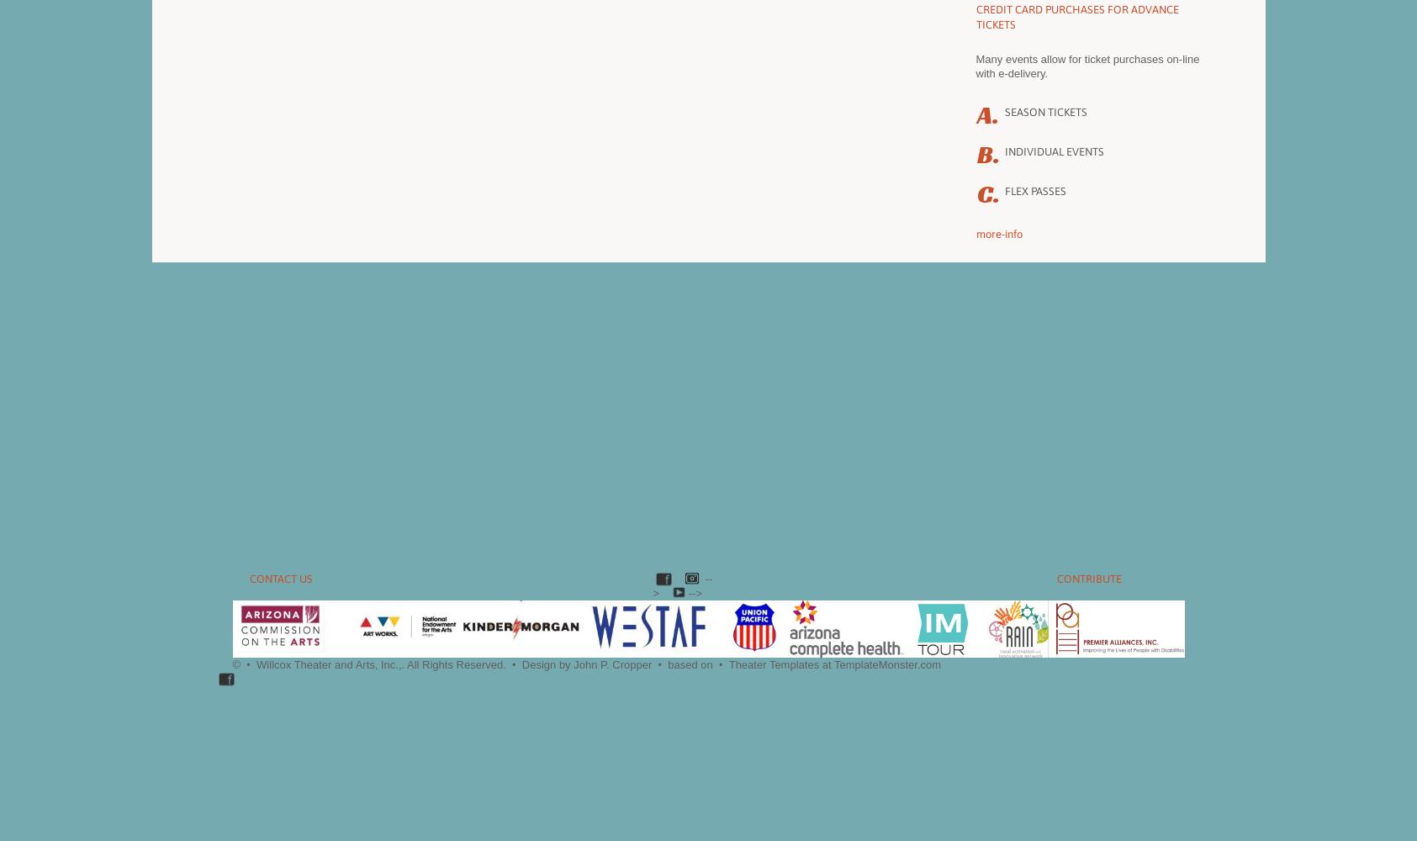 Image resolution: width=1417 pixels, height=841 pixels. I want to click on 'Credit card purchases for advance tickets', so click(1076, 17).